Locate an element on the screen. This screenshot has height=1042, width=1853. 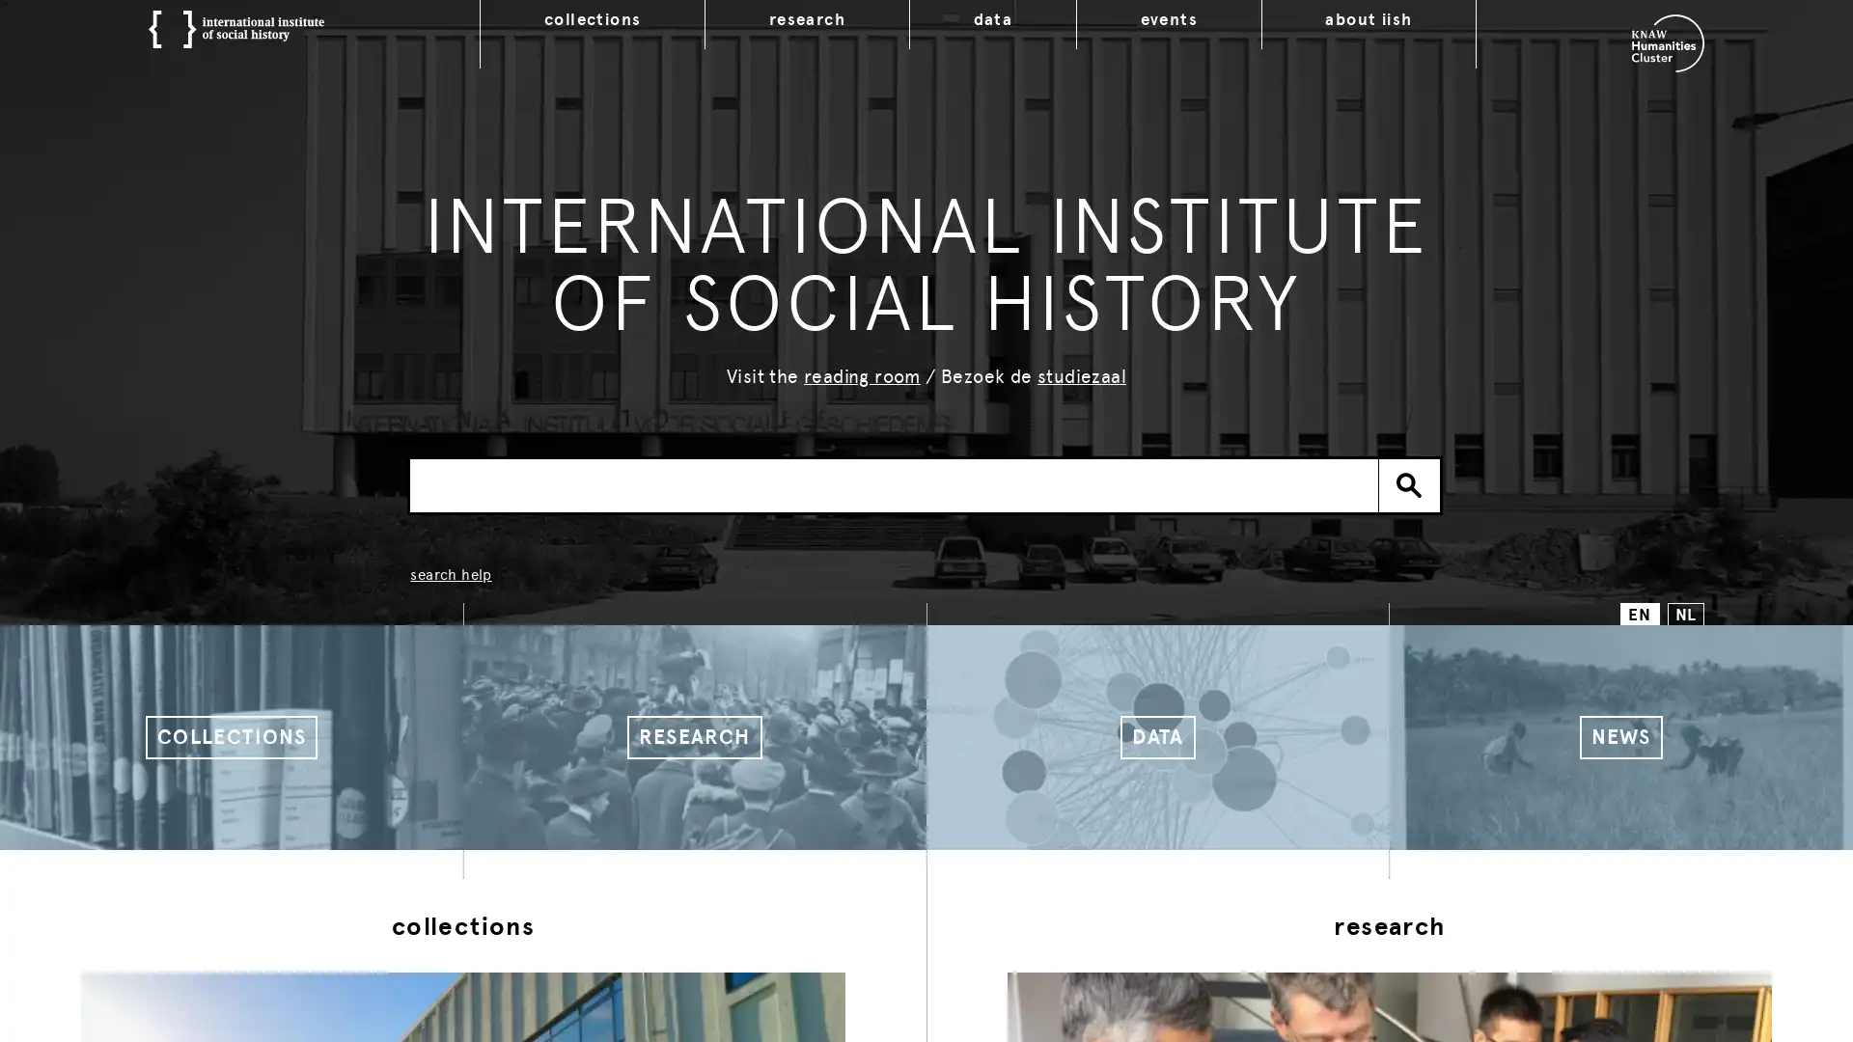
Search is located at coordinates (1409, 483).